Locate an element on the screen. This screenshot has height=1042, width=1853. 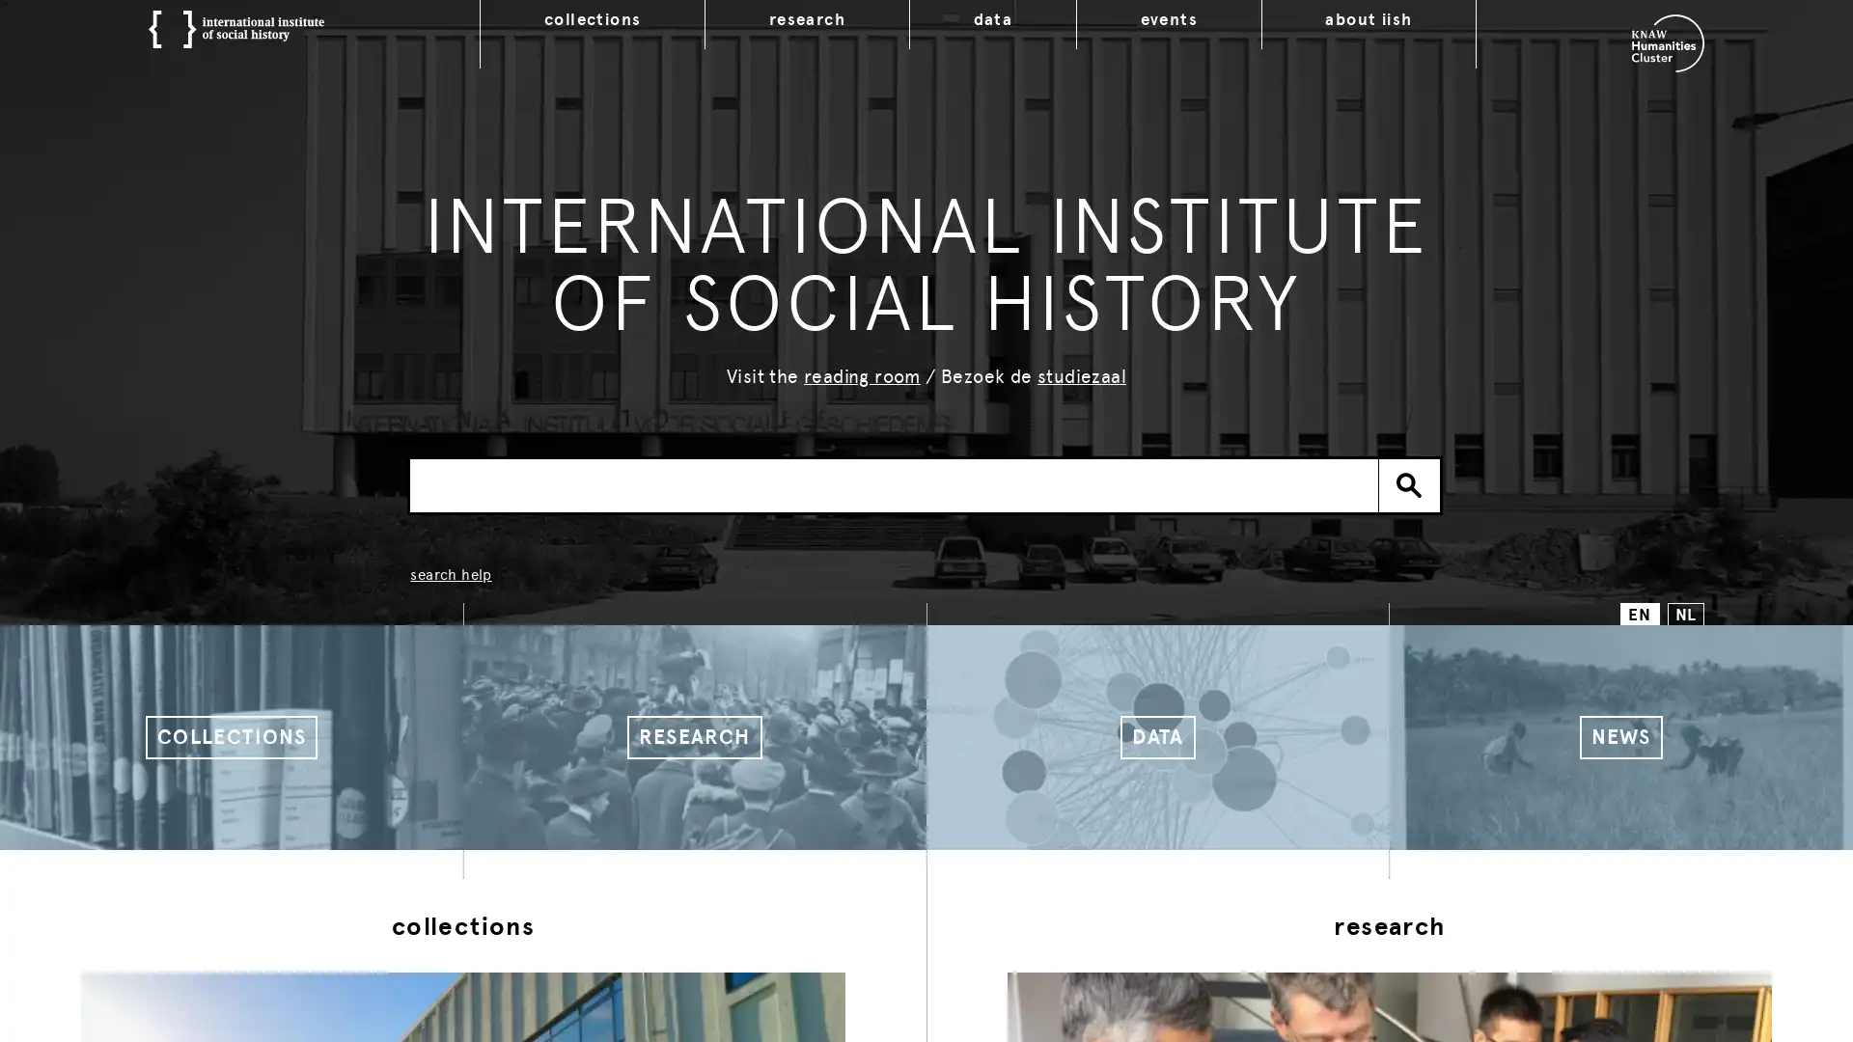
Search is located at coordinates (1409, 483).